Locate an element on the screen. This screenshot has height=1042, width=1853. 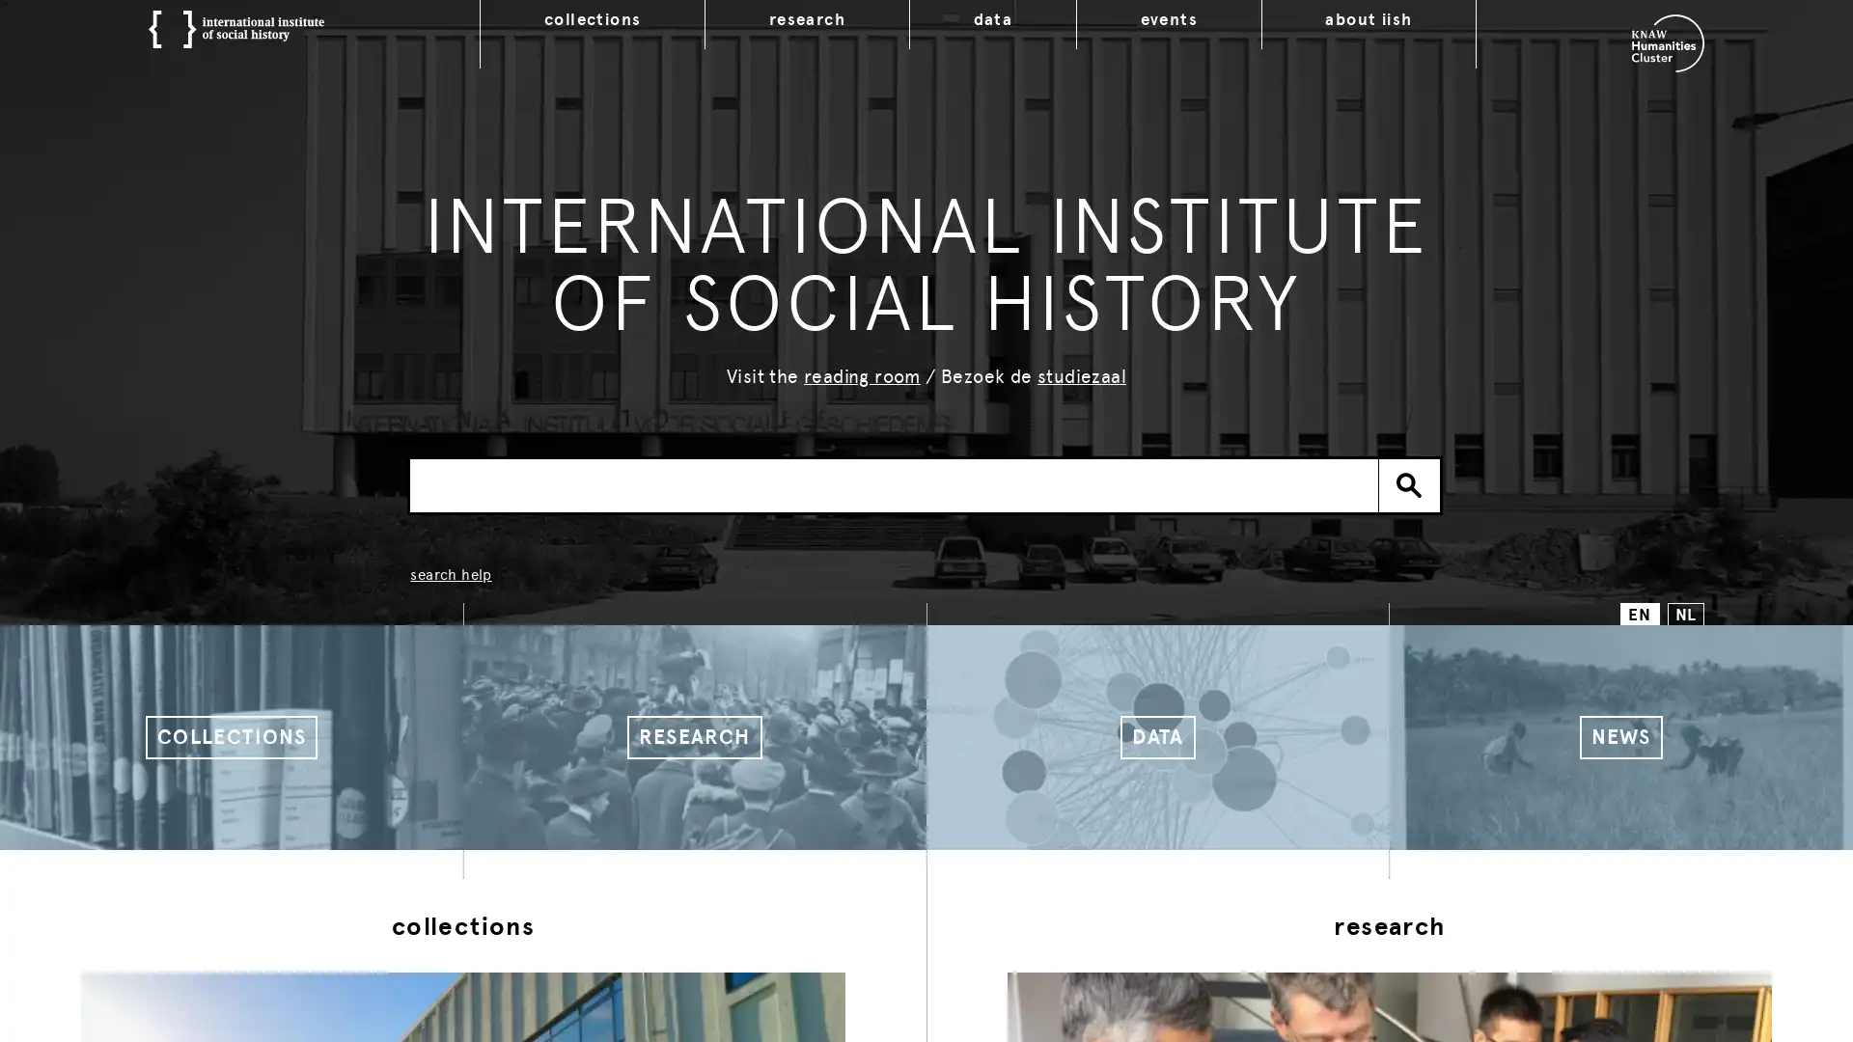
Search is located at coordinates (1409, 483).